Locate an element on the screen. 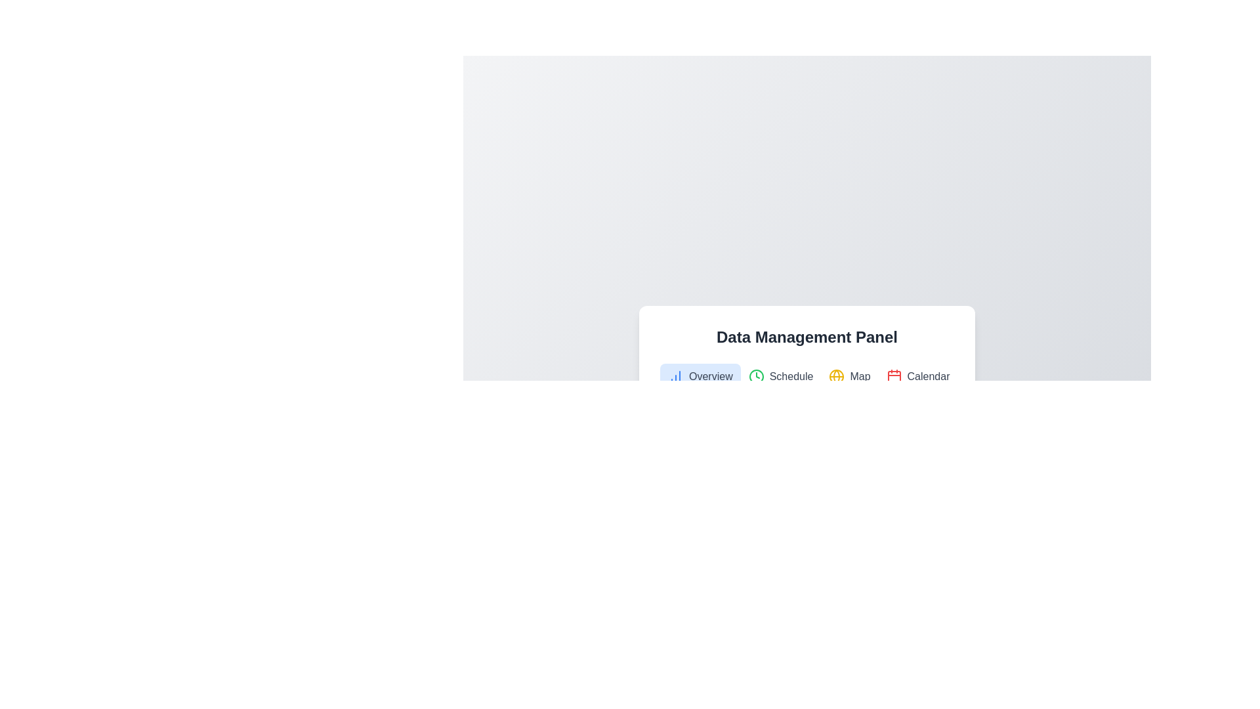 The width and height of the screenshot is (1260, 709). the vibrant yellow globe icon located in the horizontal menu bar below the 'Data Management Panel' title, positioned to the left of the 'Map' text is located at coordinates (836, 377).